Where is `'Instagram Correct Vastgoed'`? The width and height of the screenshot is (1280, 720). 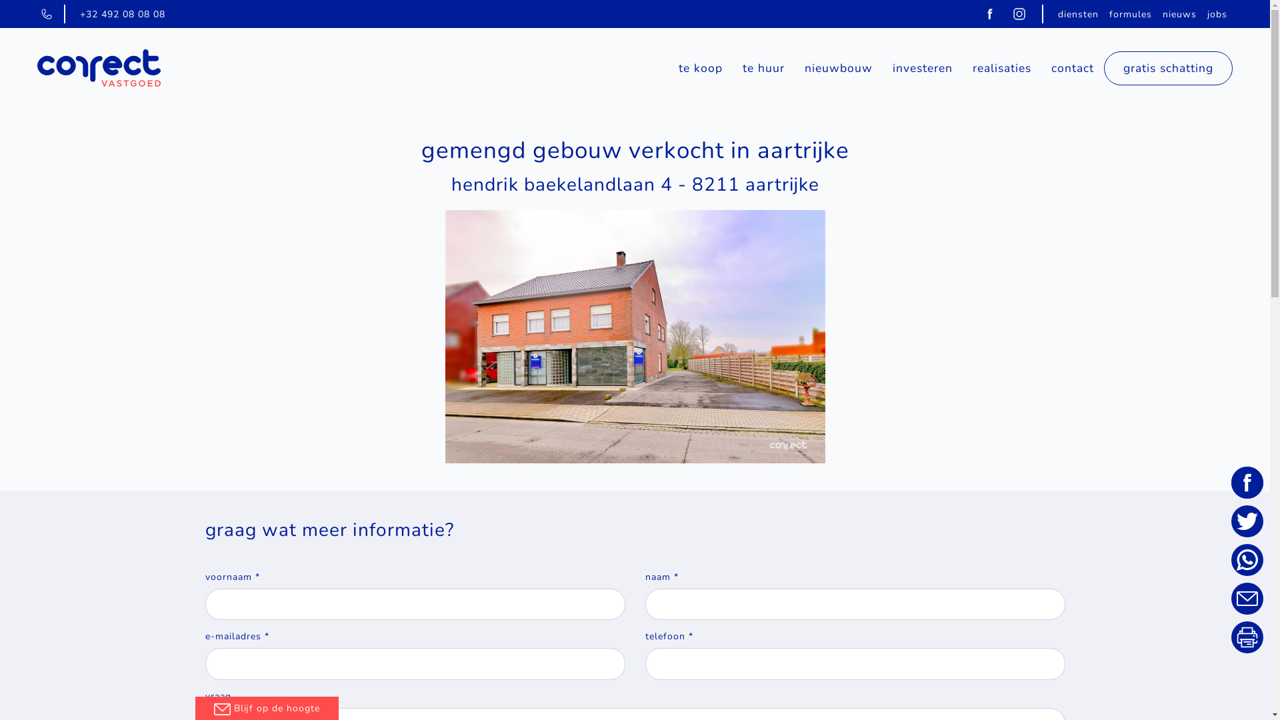
'Instagram Correct Vastgoed' is located at coordinates (1019, 13).